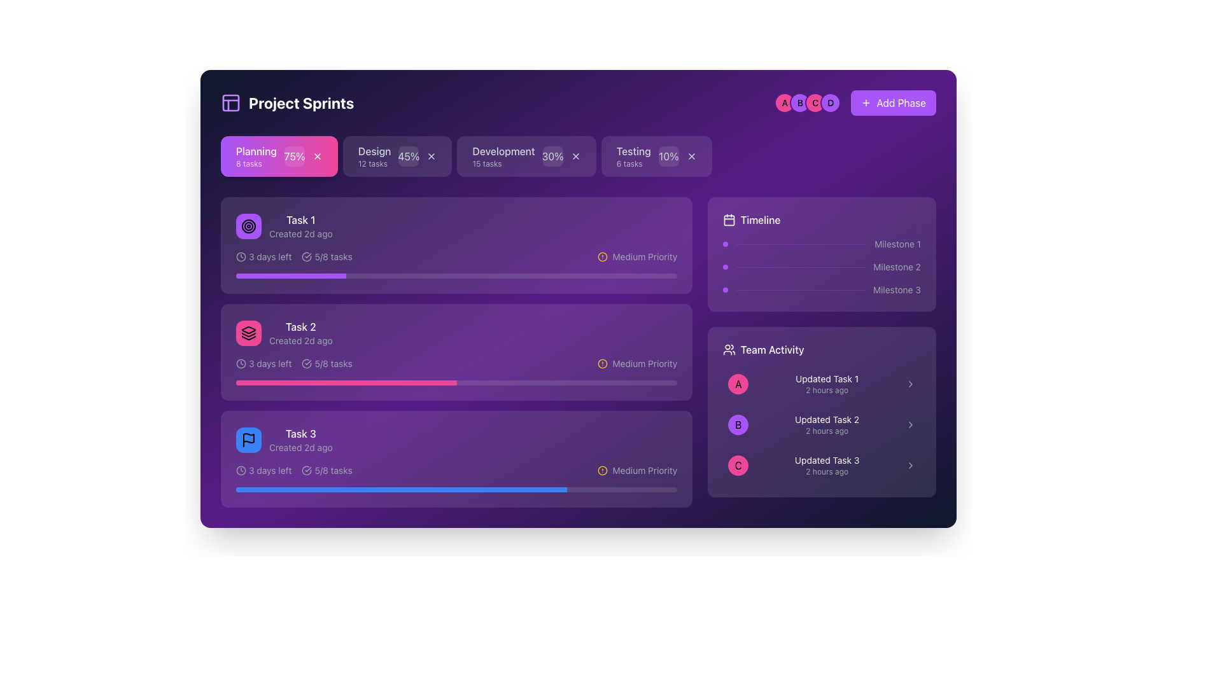  I want to click on displayed text from the medium priority indicator text label located at the right side of the second task card, following the circular warning icon, so click(645, 363).